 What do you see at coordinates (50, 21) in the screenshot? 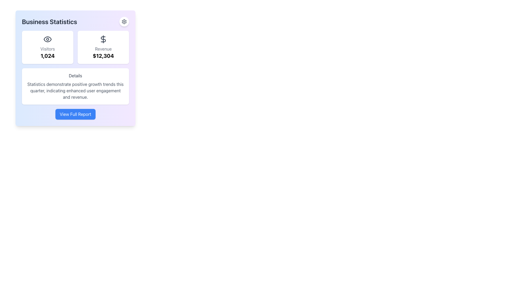
I see `the prominent text label reading 'Business Statistics' located at the top-left corner of the card-like UI component` at bounding box center [50, 21].